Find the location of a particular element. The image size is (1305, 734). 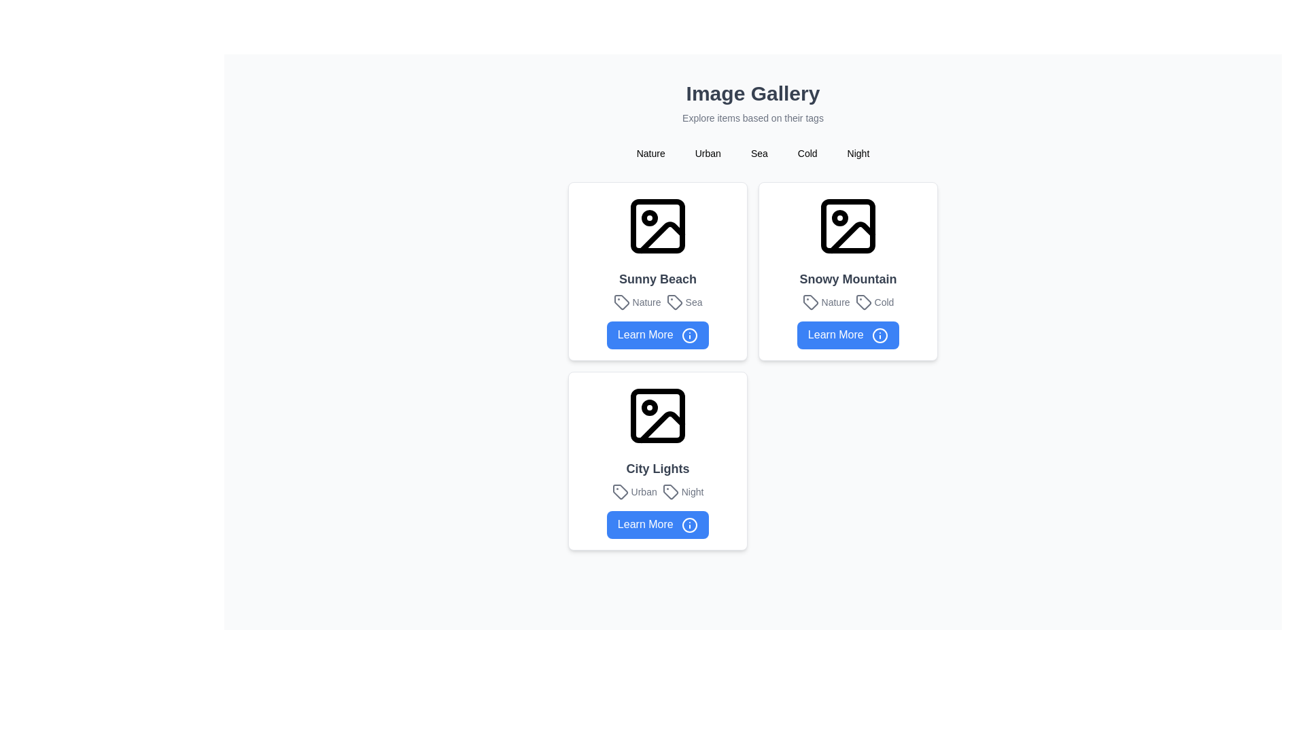

the 'Sunny Beach' card component in the 'Image Gallery' section is located at coordinates (658, 270).